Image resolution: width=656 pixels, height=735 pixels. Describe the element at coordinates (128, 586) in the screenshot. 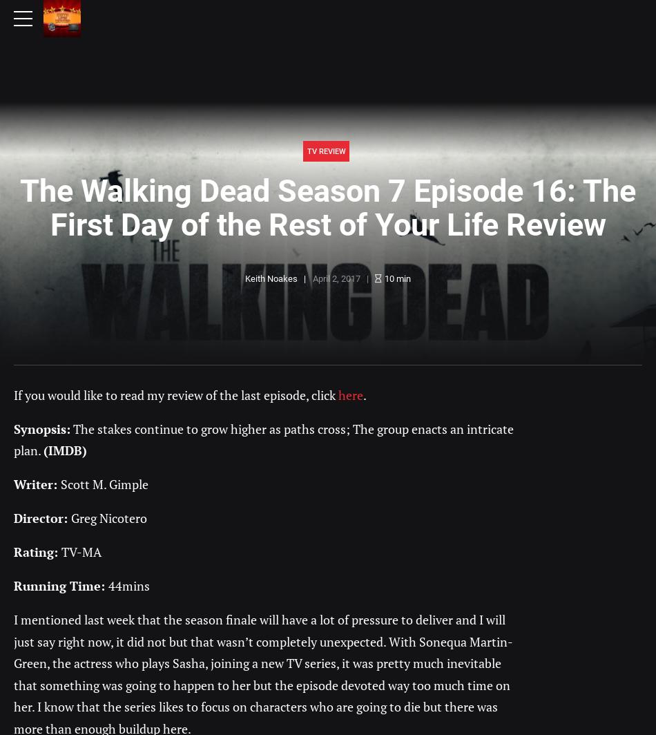

I see `'44mins'` at that location.